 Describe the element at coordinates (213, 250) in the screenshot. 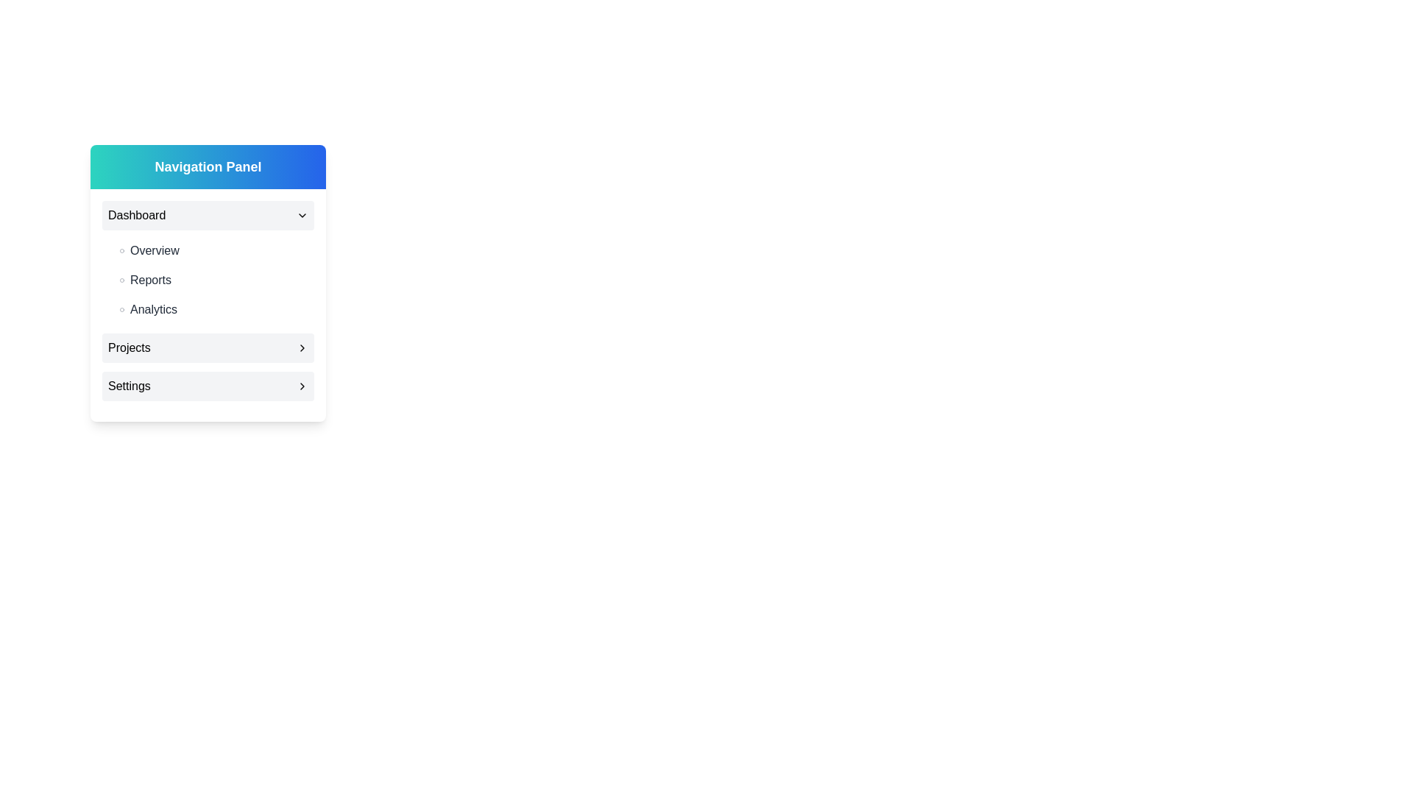

I see `the 'Overview' button located` at that location.